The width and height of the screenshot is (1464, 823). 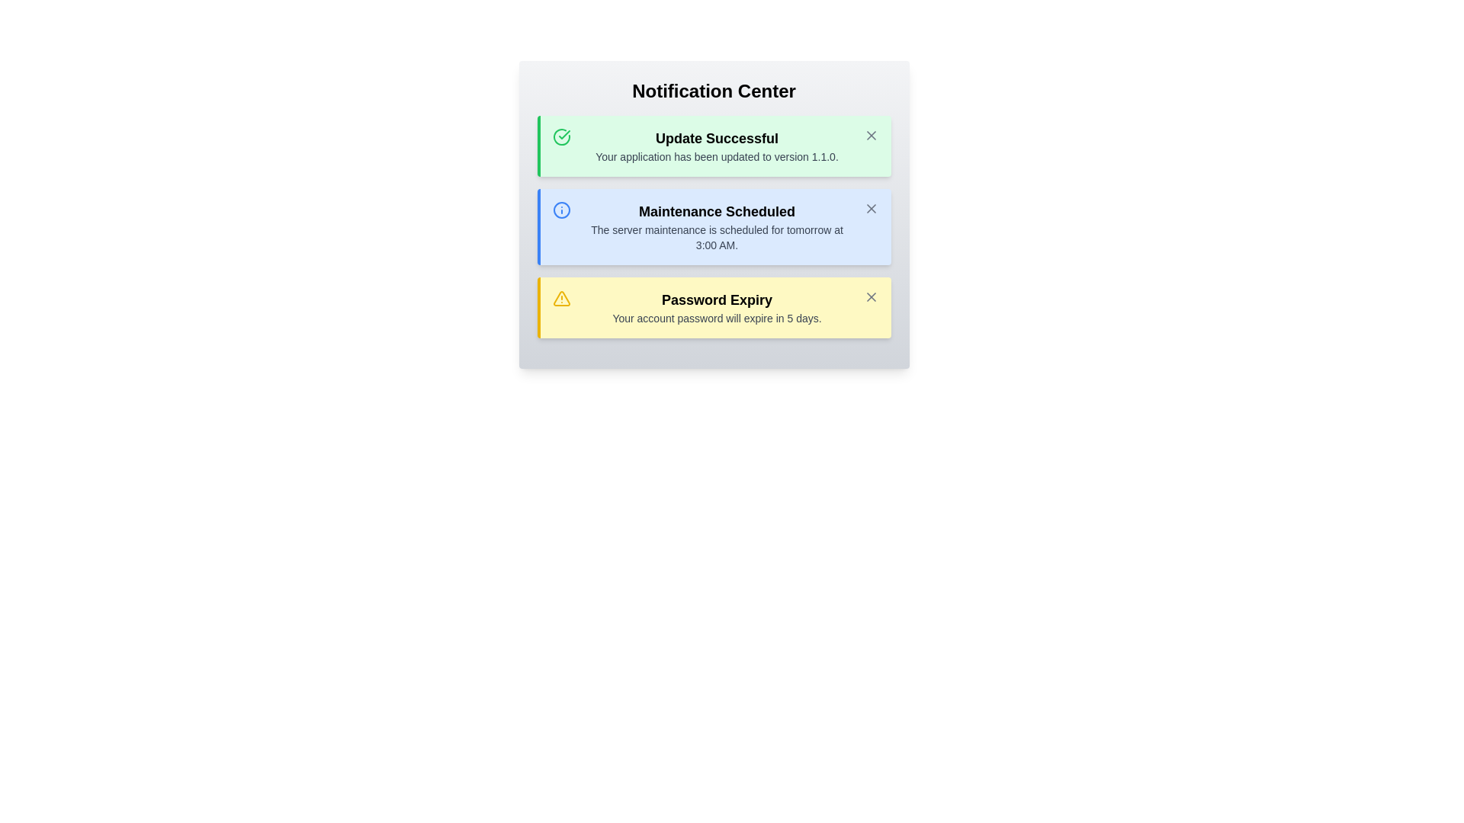 What do you see at coordinates (716, 299) in the screenshot?
I see `the title text label of the warning notification regarding password expiry status, which is located at the top of the yellow notification card in the notification center` at bounding box center [716, 299].